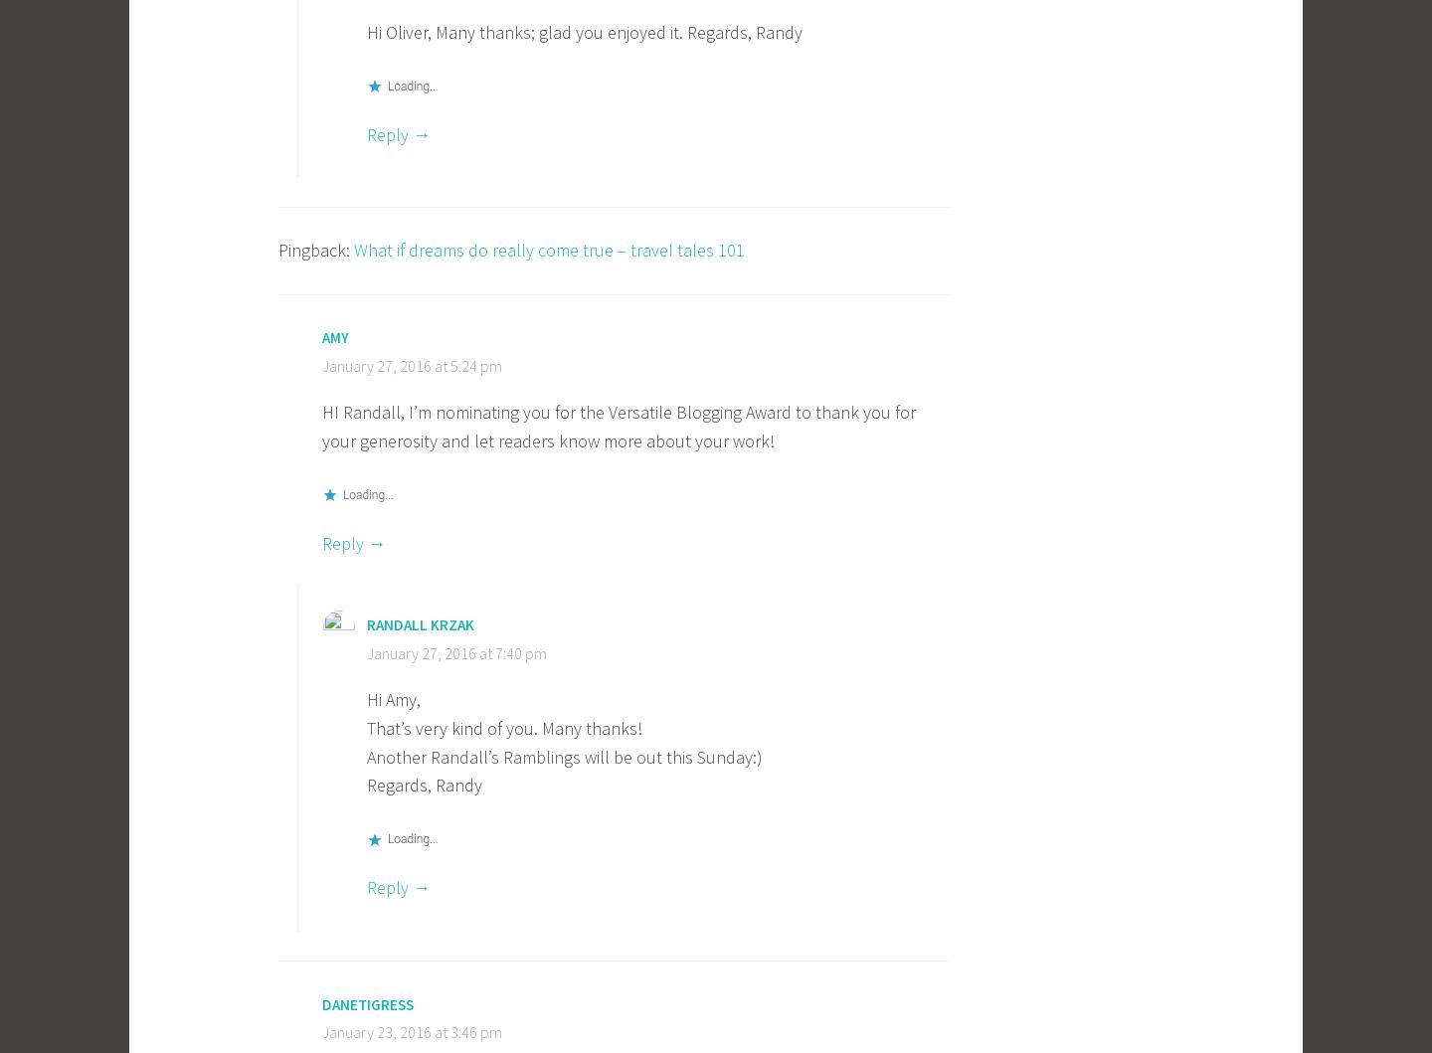 The width and height of the screenshot is (1432, 1053). Describe the element at coordinates (335, 336) in the screenshot. I see `'Amy'` at that location.